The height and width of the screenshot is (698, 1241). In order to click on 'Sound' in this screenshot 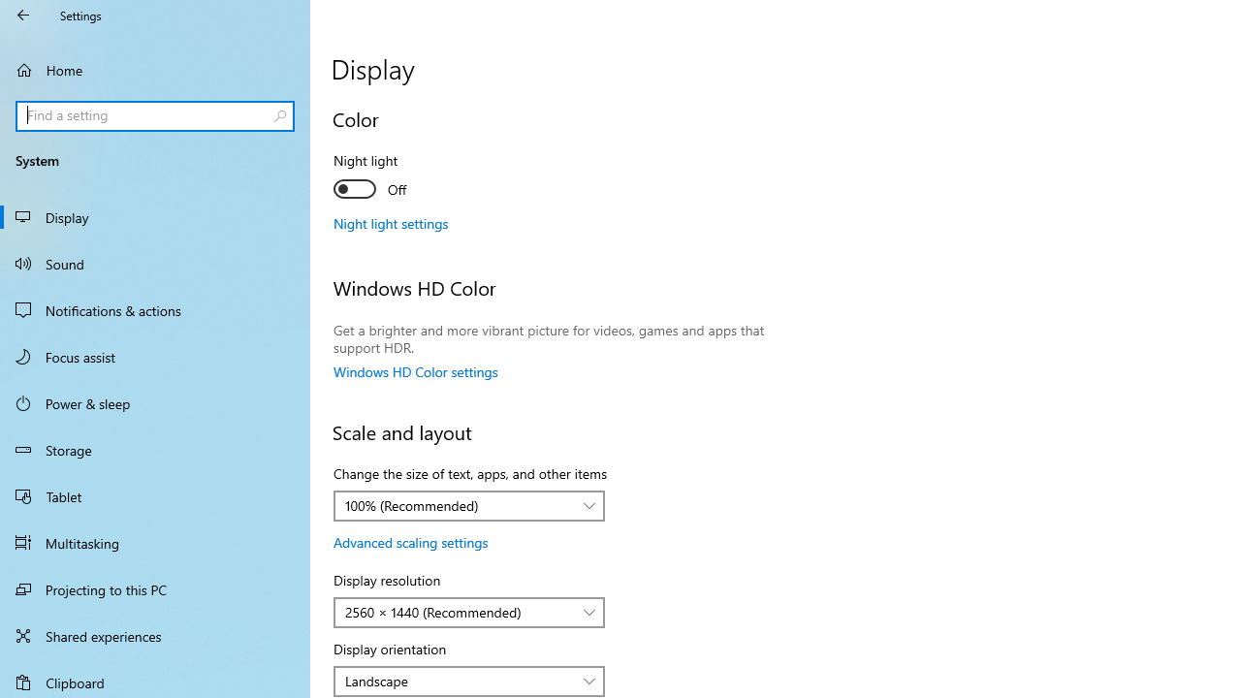, I will do `click(155, 263)`.